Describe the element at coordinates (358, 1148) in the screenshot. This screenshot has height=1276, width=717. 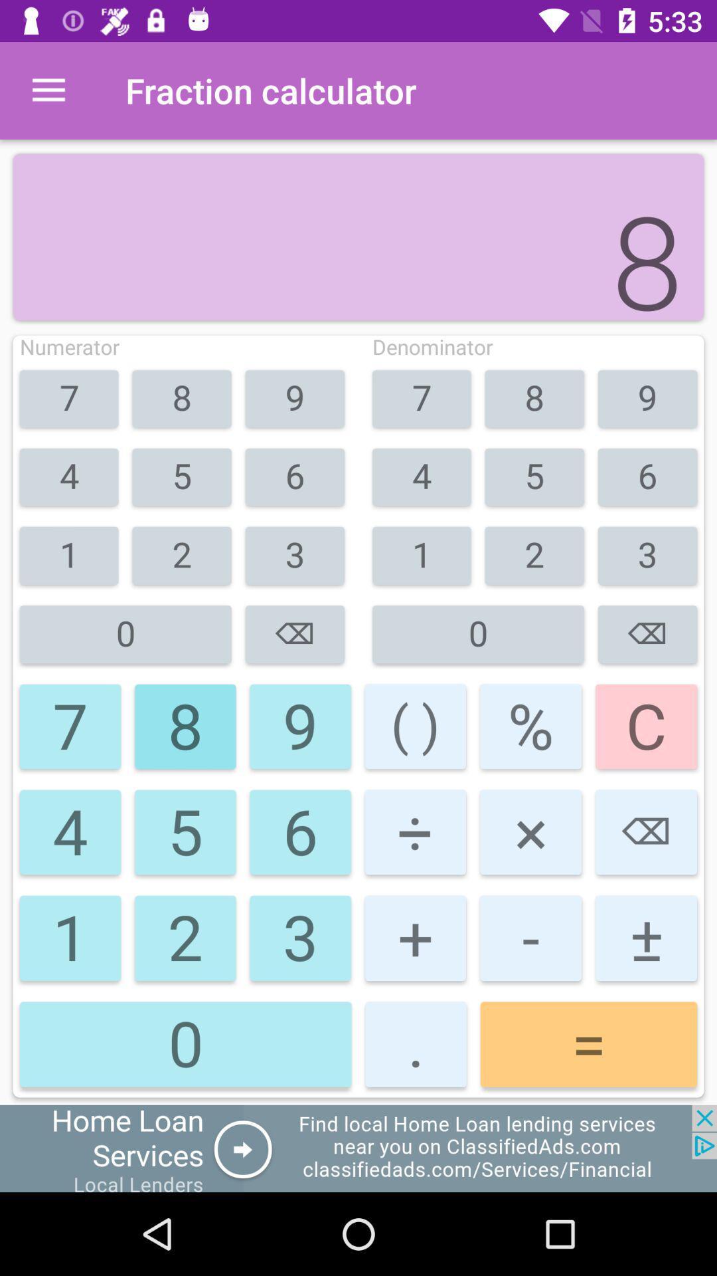
I see `link to advert` at that location.